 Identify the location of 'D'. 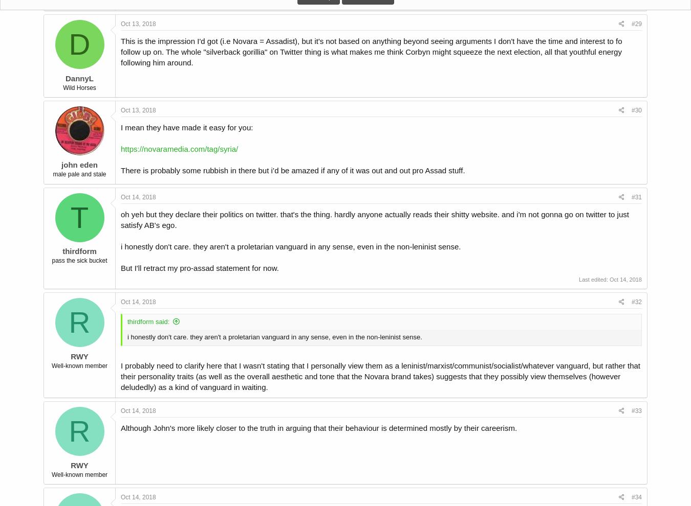
(79, 44).